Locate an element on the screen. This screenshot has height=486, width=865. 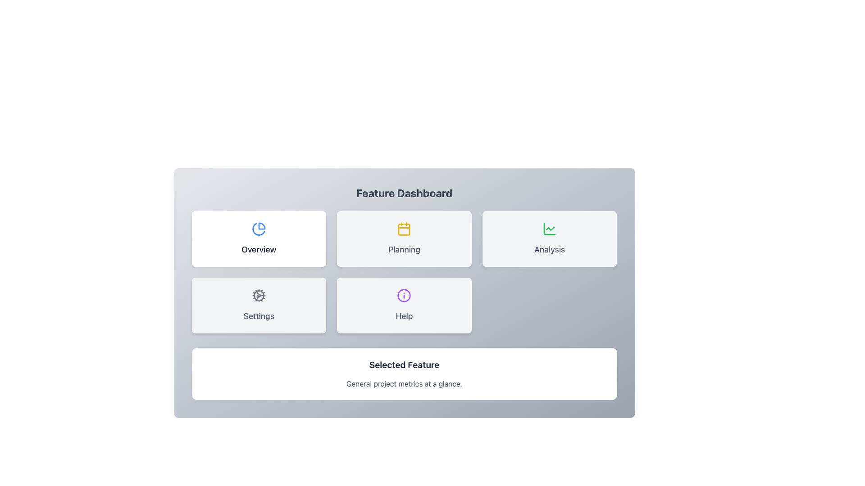
the 'Help' text label, which is styled with a medium font weight and larger size, located below a purple circular icon in a rectangular button at the bottom center of the grid layout is located at coordinates (404, 315).